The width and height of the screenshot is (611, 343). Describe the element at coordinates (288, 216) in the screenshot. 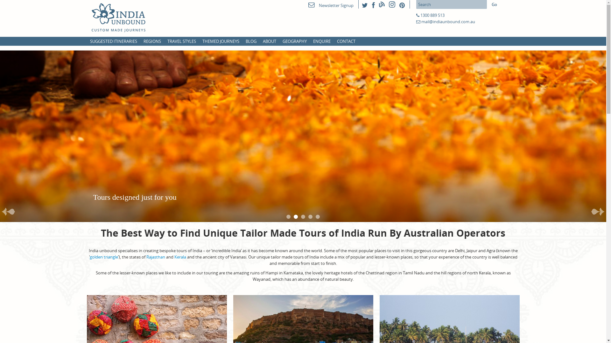

I see `'1'` at that location.